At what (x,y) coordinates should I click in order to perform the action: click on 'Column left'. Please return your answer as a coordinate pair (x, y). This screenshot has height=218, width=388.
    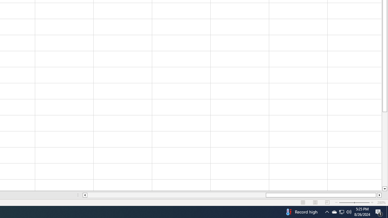
    Looking at the image, I should click on (84, 195).